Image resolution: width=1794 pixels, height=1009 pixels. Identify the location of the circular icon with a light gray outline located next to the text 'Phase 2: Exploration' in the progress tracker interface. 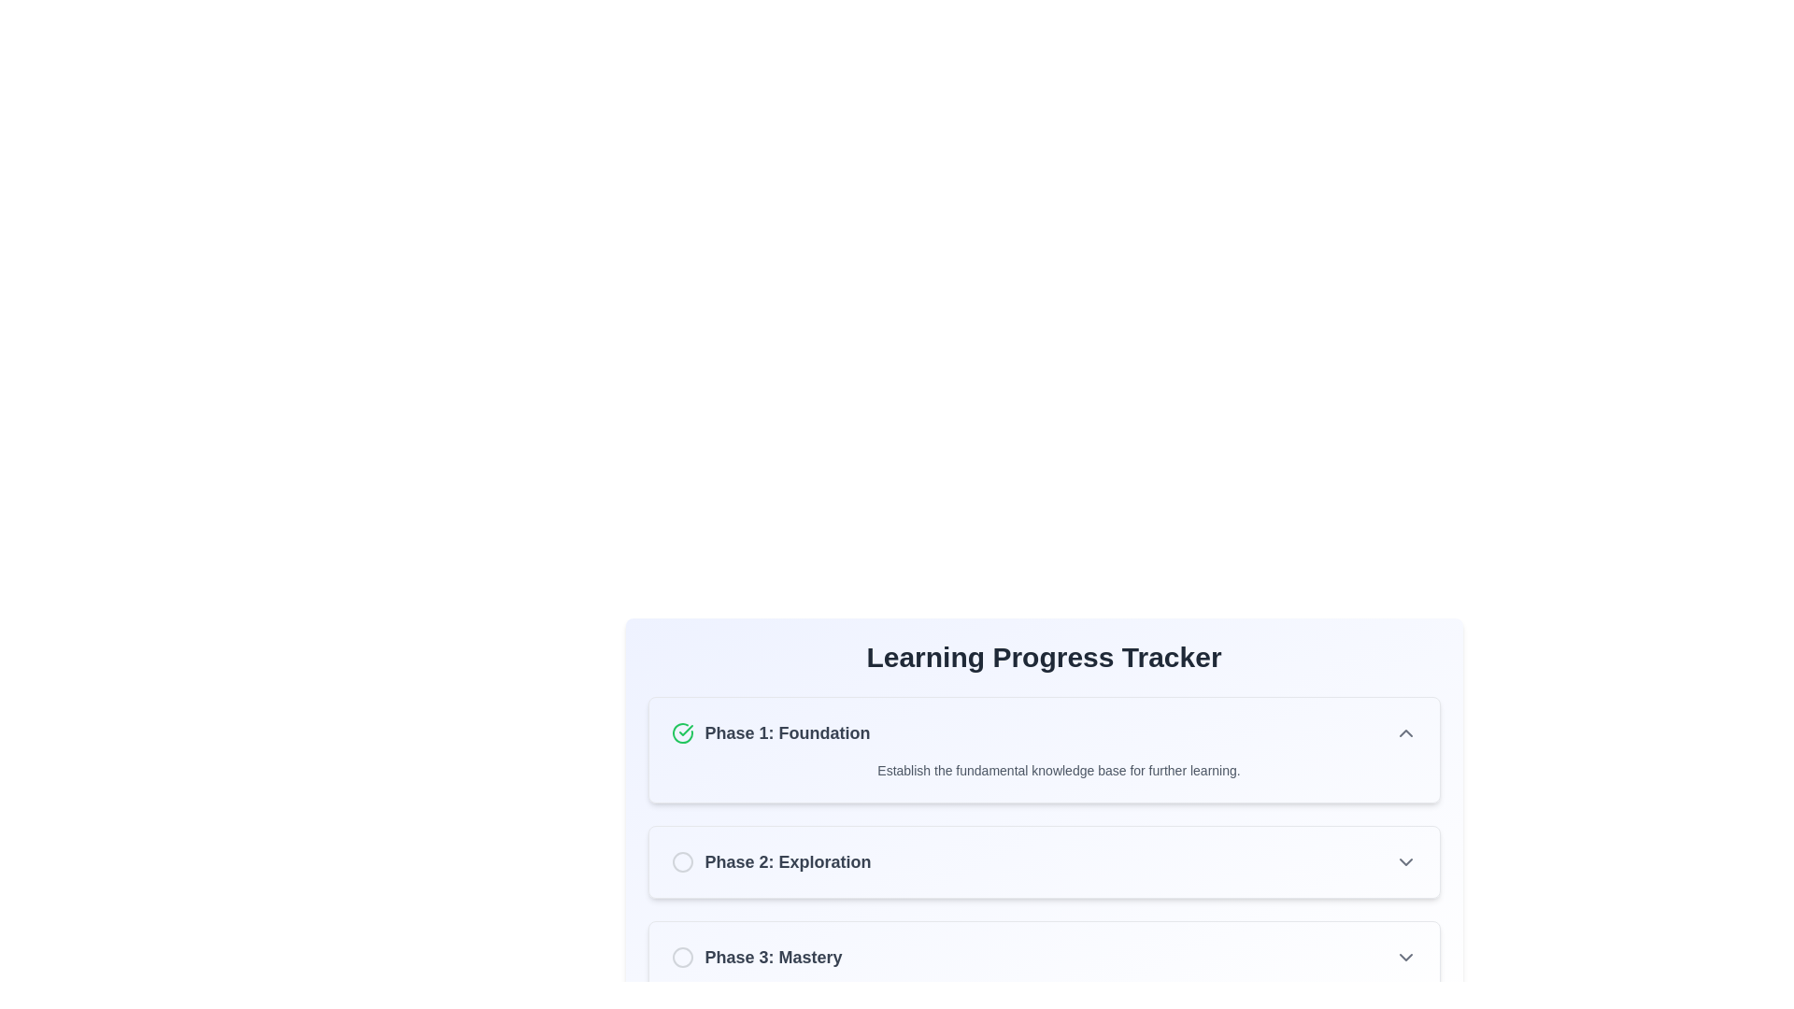
(681, 861).